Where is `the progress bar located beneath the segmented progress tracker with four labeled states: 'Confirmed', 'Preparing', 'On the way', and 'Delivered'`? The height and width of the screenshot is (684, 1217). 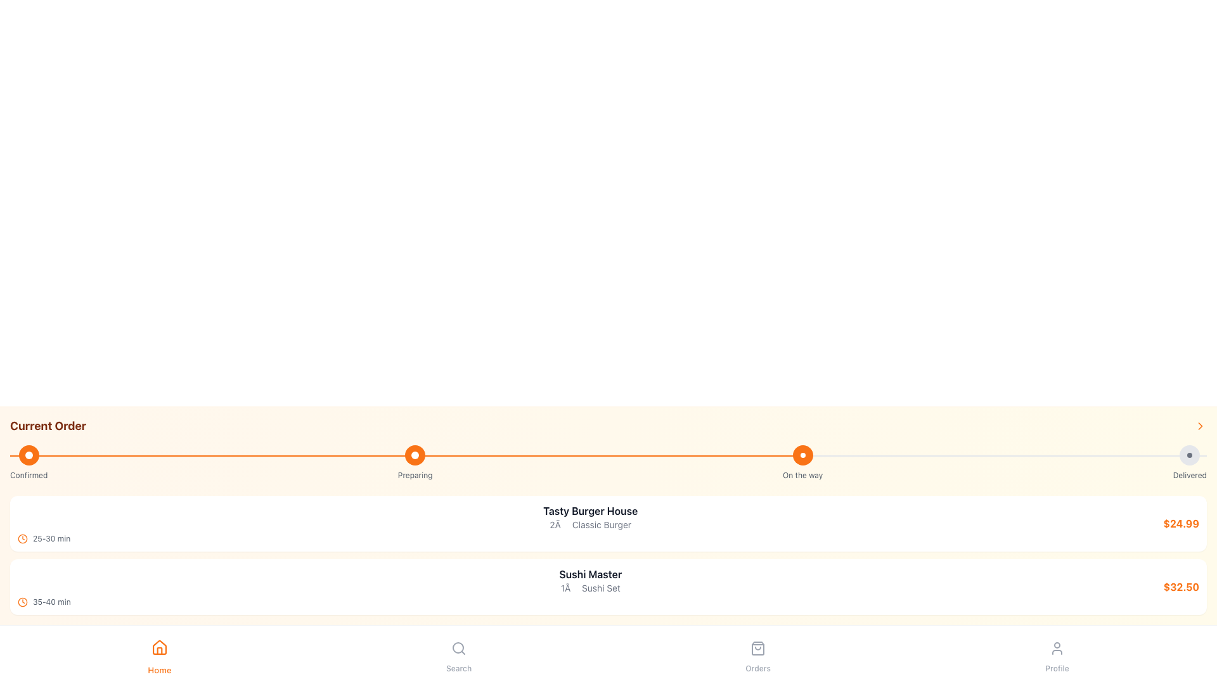 the progress bar located beneath the segmented progress tracker with four labeled states: 'Confirmed', 'Preparing', 'On the way', and 'Delivered' is located at coordinates (608, 456).